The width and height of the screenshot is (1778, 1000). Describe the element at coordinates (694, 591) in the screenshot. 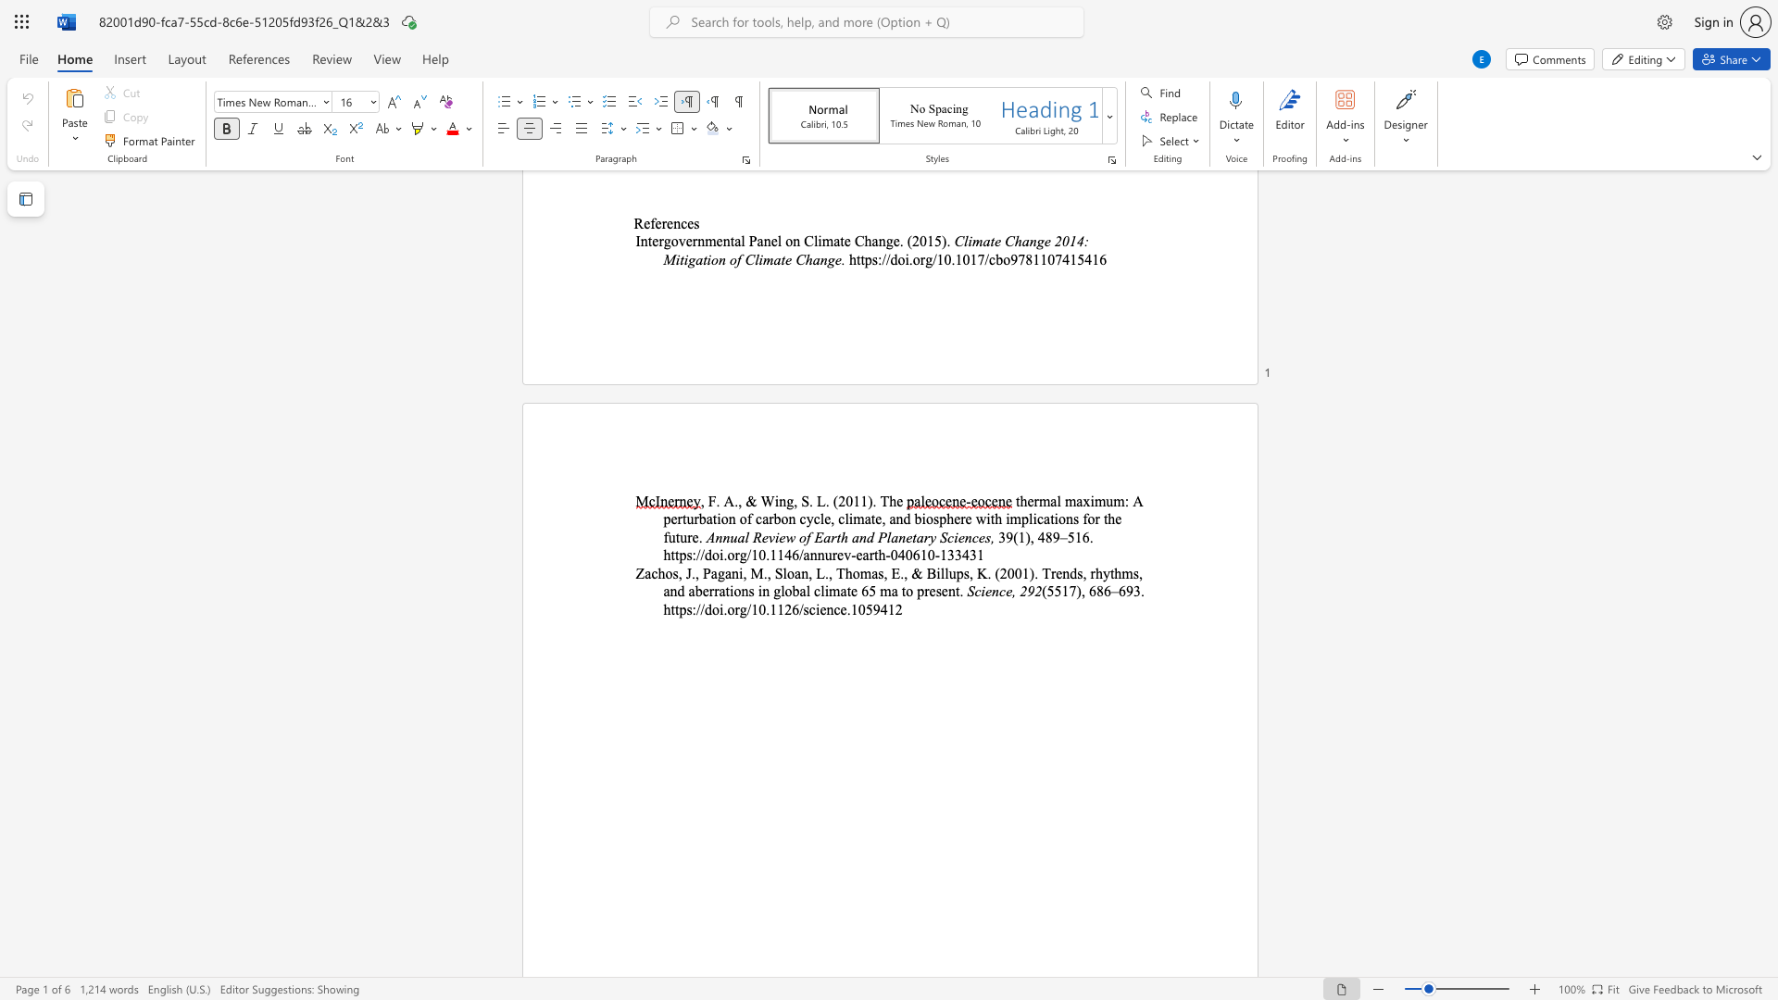

I see `the subset text "berrations in global climate 65 ma to present." within the text "and aberrations in global climate 65 ma to present."` at that location.